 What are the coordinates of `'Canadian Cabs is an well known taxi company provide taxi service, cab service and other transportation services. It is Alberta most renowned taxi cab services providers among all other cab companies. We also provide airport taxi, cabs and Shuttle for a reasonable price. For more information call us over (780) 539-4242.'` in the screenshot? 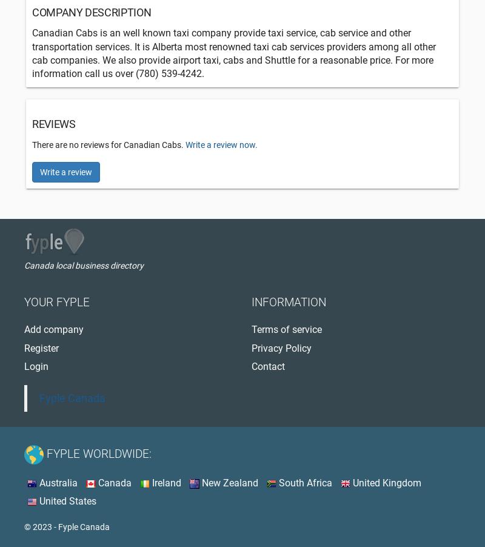 It's located at (233, 53).